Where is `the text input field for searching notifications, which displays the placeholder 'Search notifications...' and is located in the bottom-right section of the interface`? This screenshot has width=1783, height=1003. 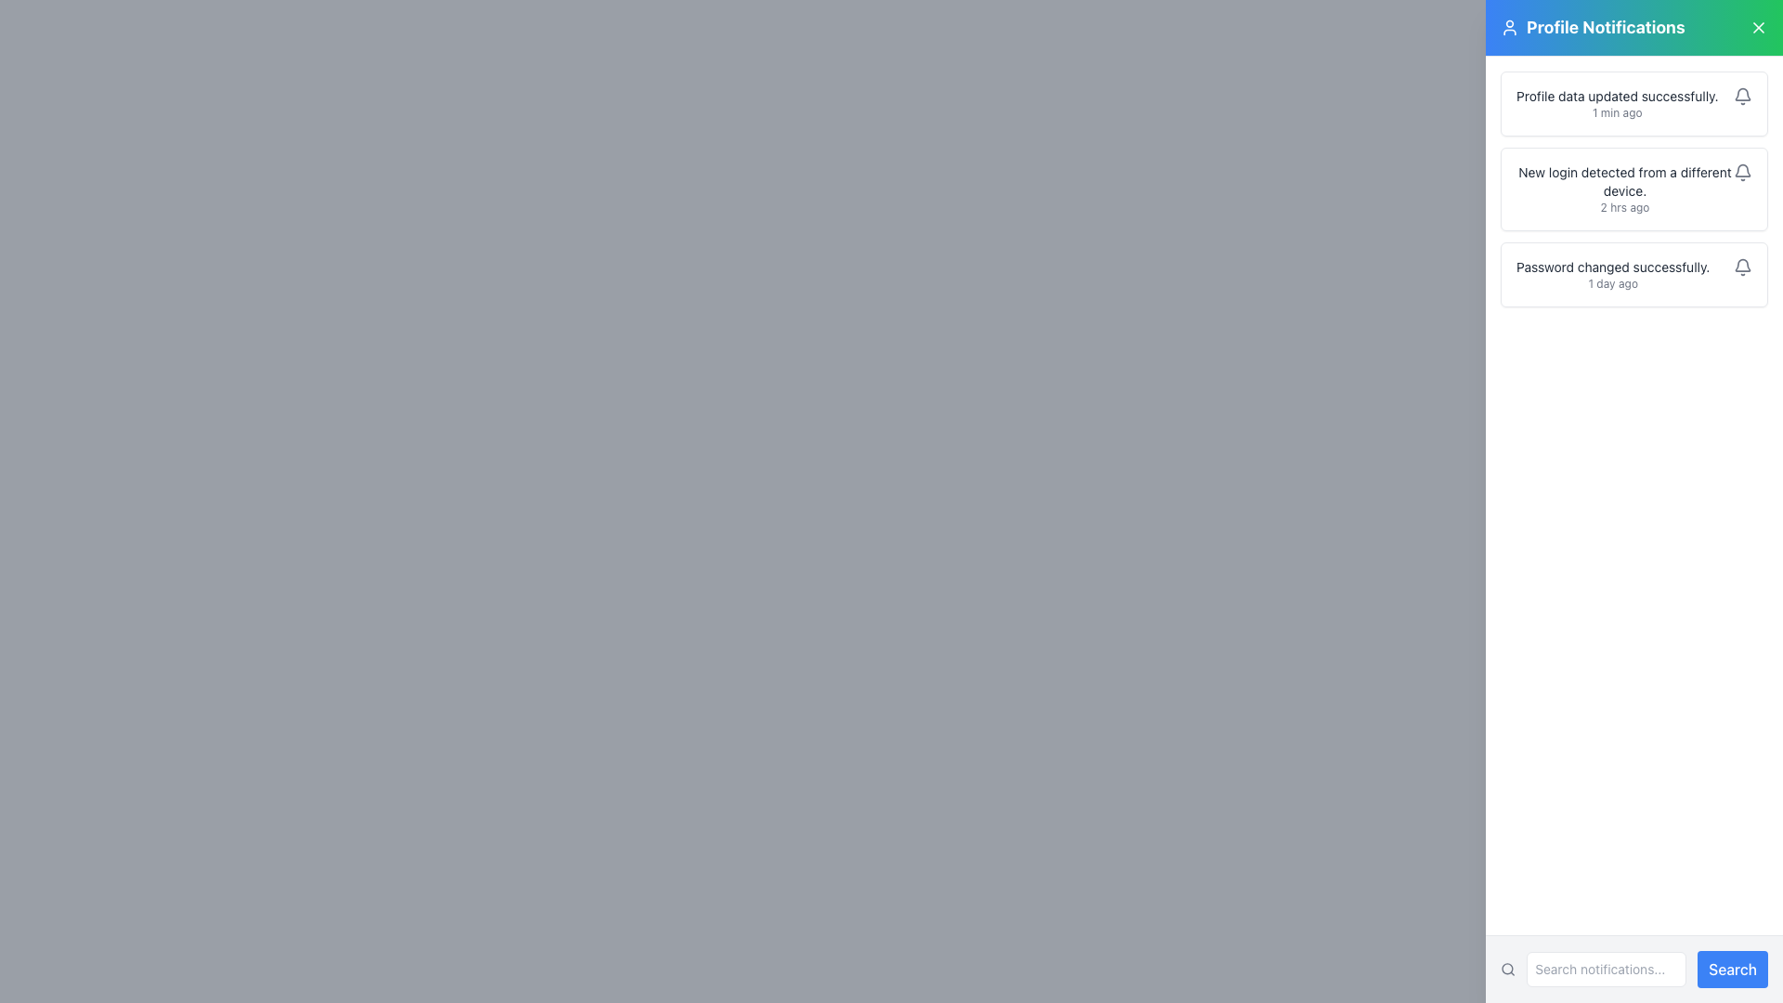
the text input field for searching notifications, which displays the placeholder 'Search notifications...' and is located in the bottom-right section of the interface is located at coordinates (1606, 969).